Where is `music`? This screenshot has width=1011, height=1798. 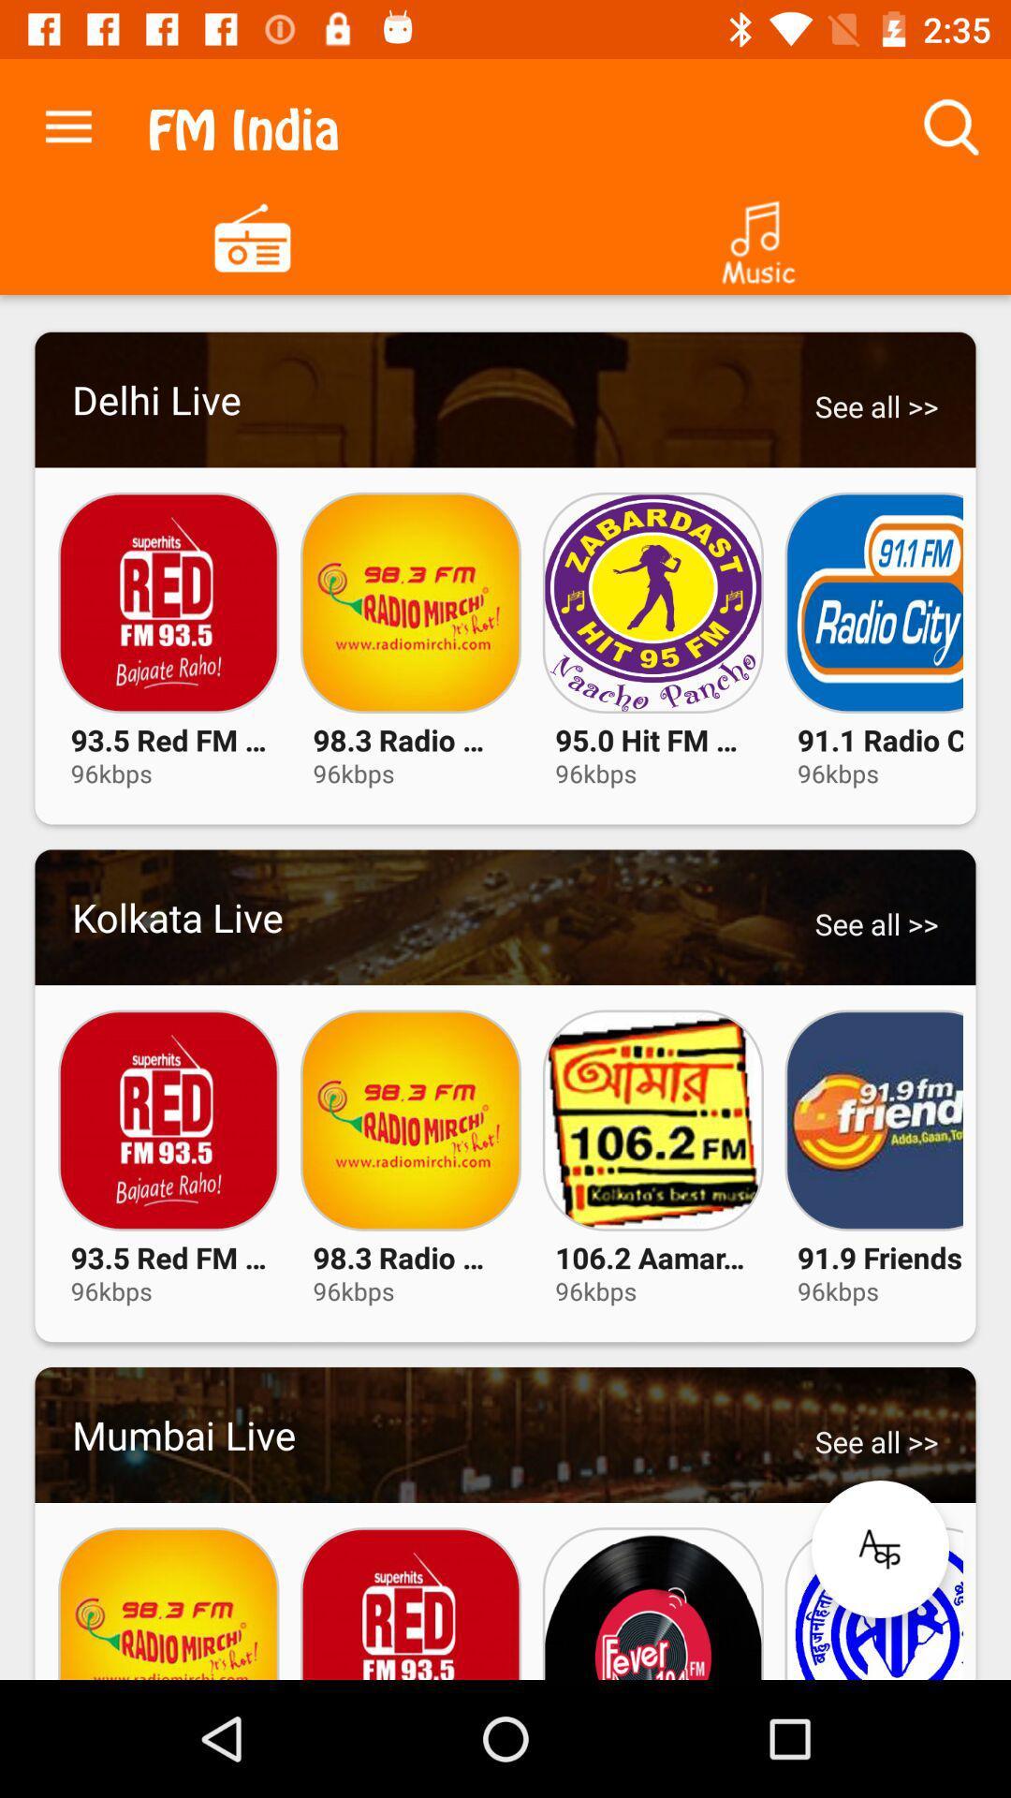 music is located at coordinates (758, 235).